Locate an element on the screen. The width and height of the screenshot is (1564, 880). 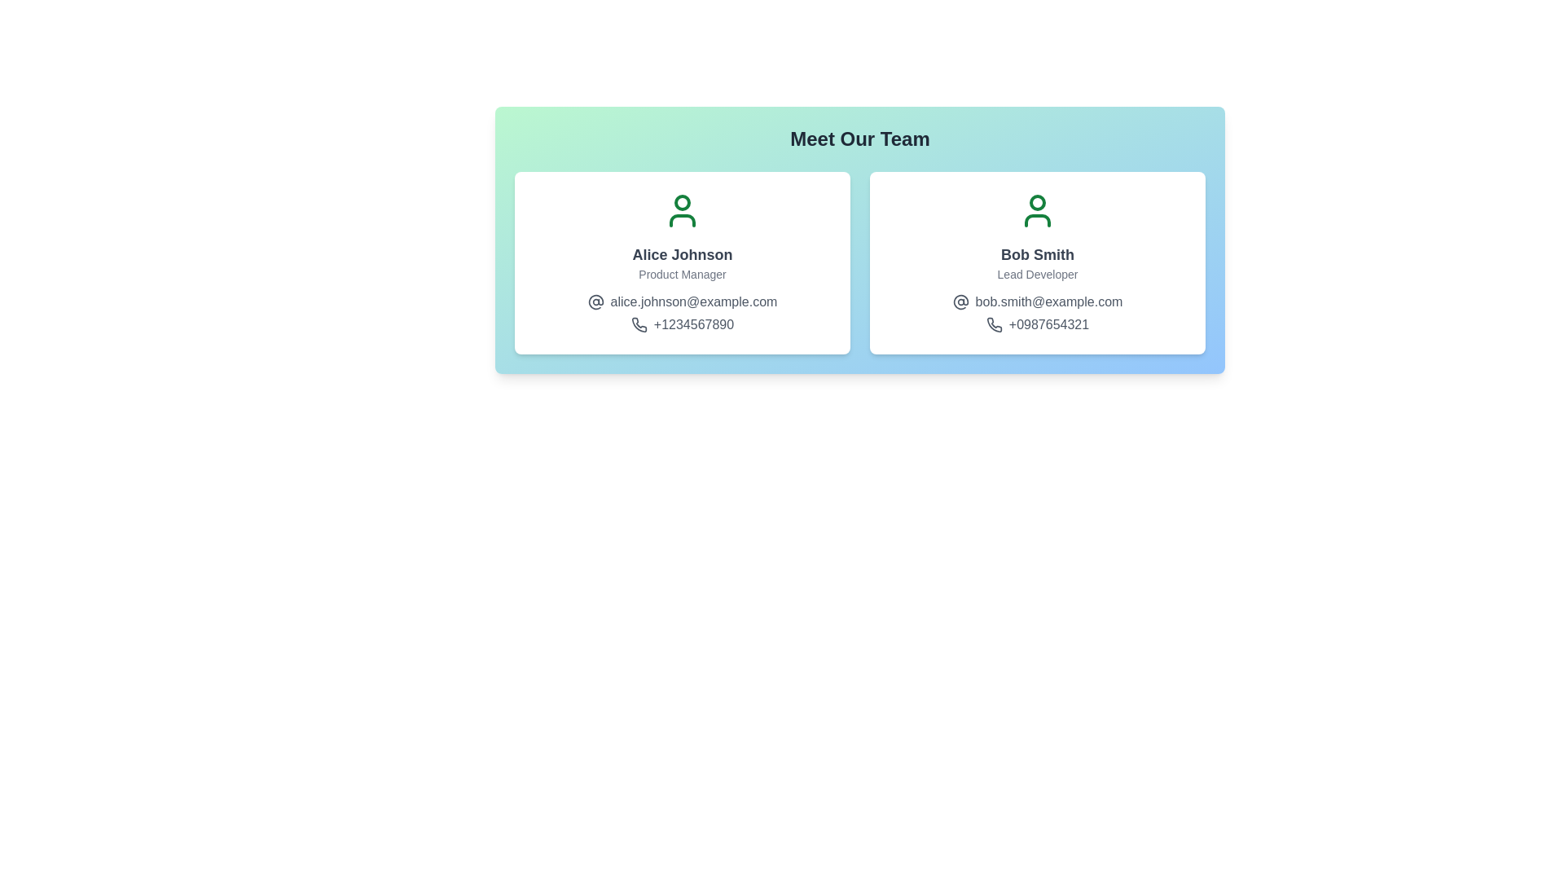
the green user silhouette icon located at the top of the card for 'Alice Johnson', which is positioned centrally under the 'Meet Our Team' heading is located at coordinates (683, 209).